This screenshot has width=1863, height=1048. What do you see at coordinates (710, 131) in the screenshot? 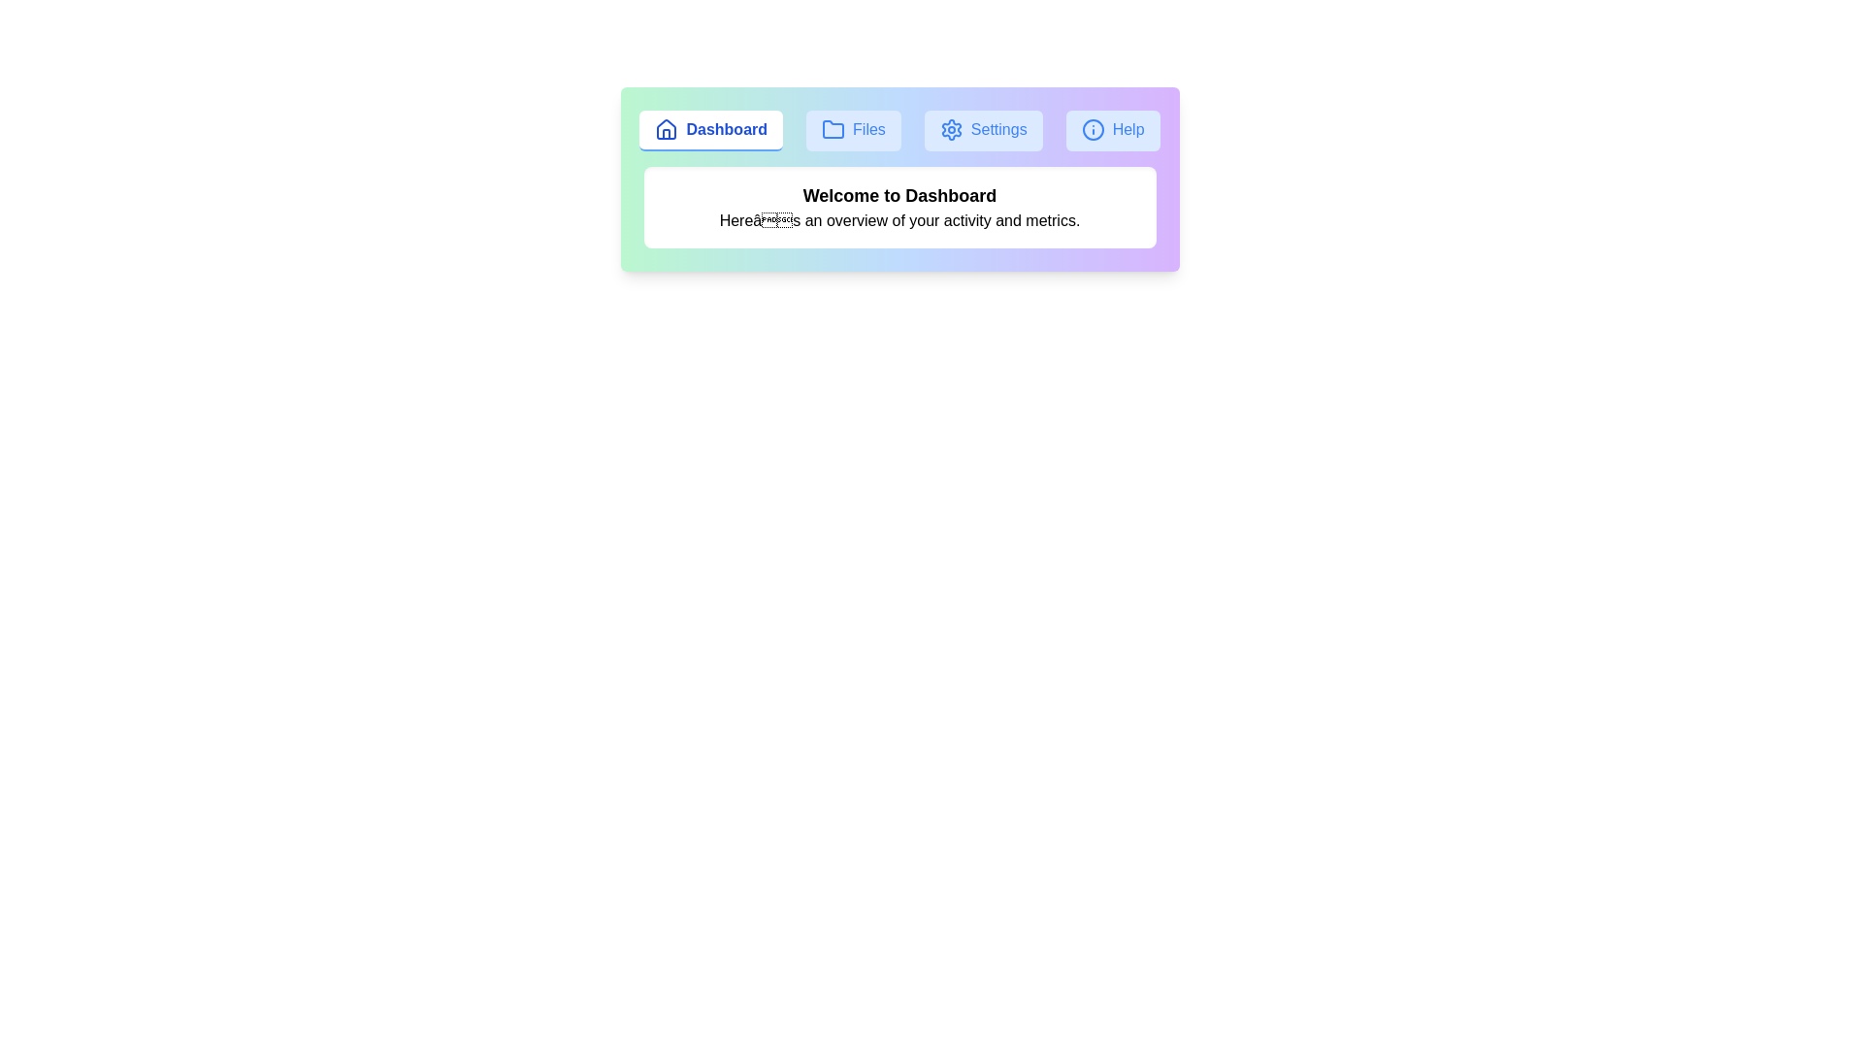
I see `the tab labeled Dashboard` at bounding box center [710, 131].